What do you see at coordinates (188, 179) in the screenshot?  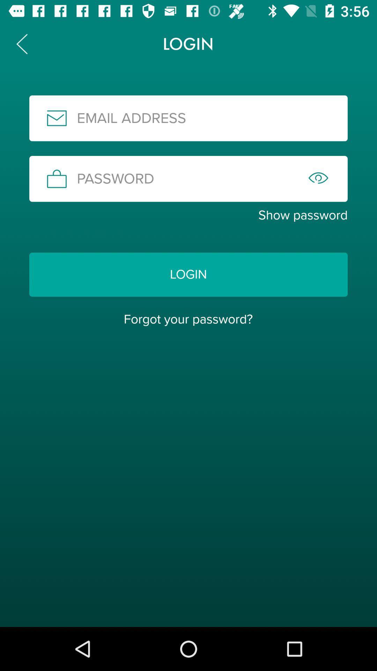 I see `password` at bounding box center [188, 179].